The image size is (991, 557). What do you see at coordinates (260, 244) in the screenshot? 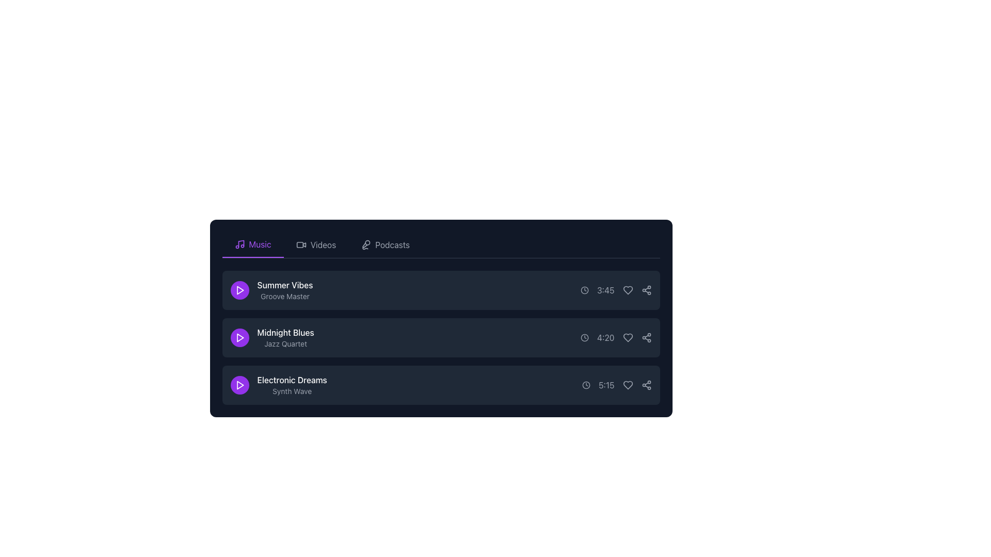
I see `the 'Music' text label in the horizontal tab navigation` at bounding box center [260, 244].